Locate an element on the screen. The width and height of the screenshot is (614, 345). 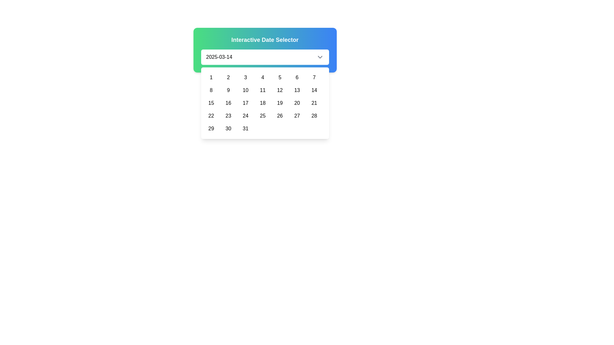
a date from the dropdown in the Interactive Date Selector, which features a green to blue gradient background and displays the date '2025-03-14' is located at coordinates (265, 50).